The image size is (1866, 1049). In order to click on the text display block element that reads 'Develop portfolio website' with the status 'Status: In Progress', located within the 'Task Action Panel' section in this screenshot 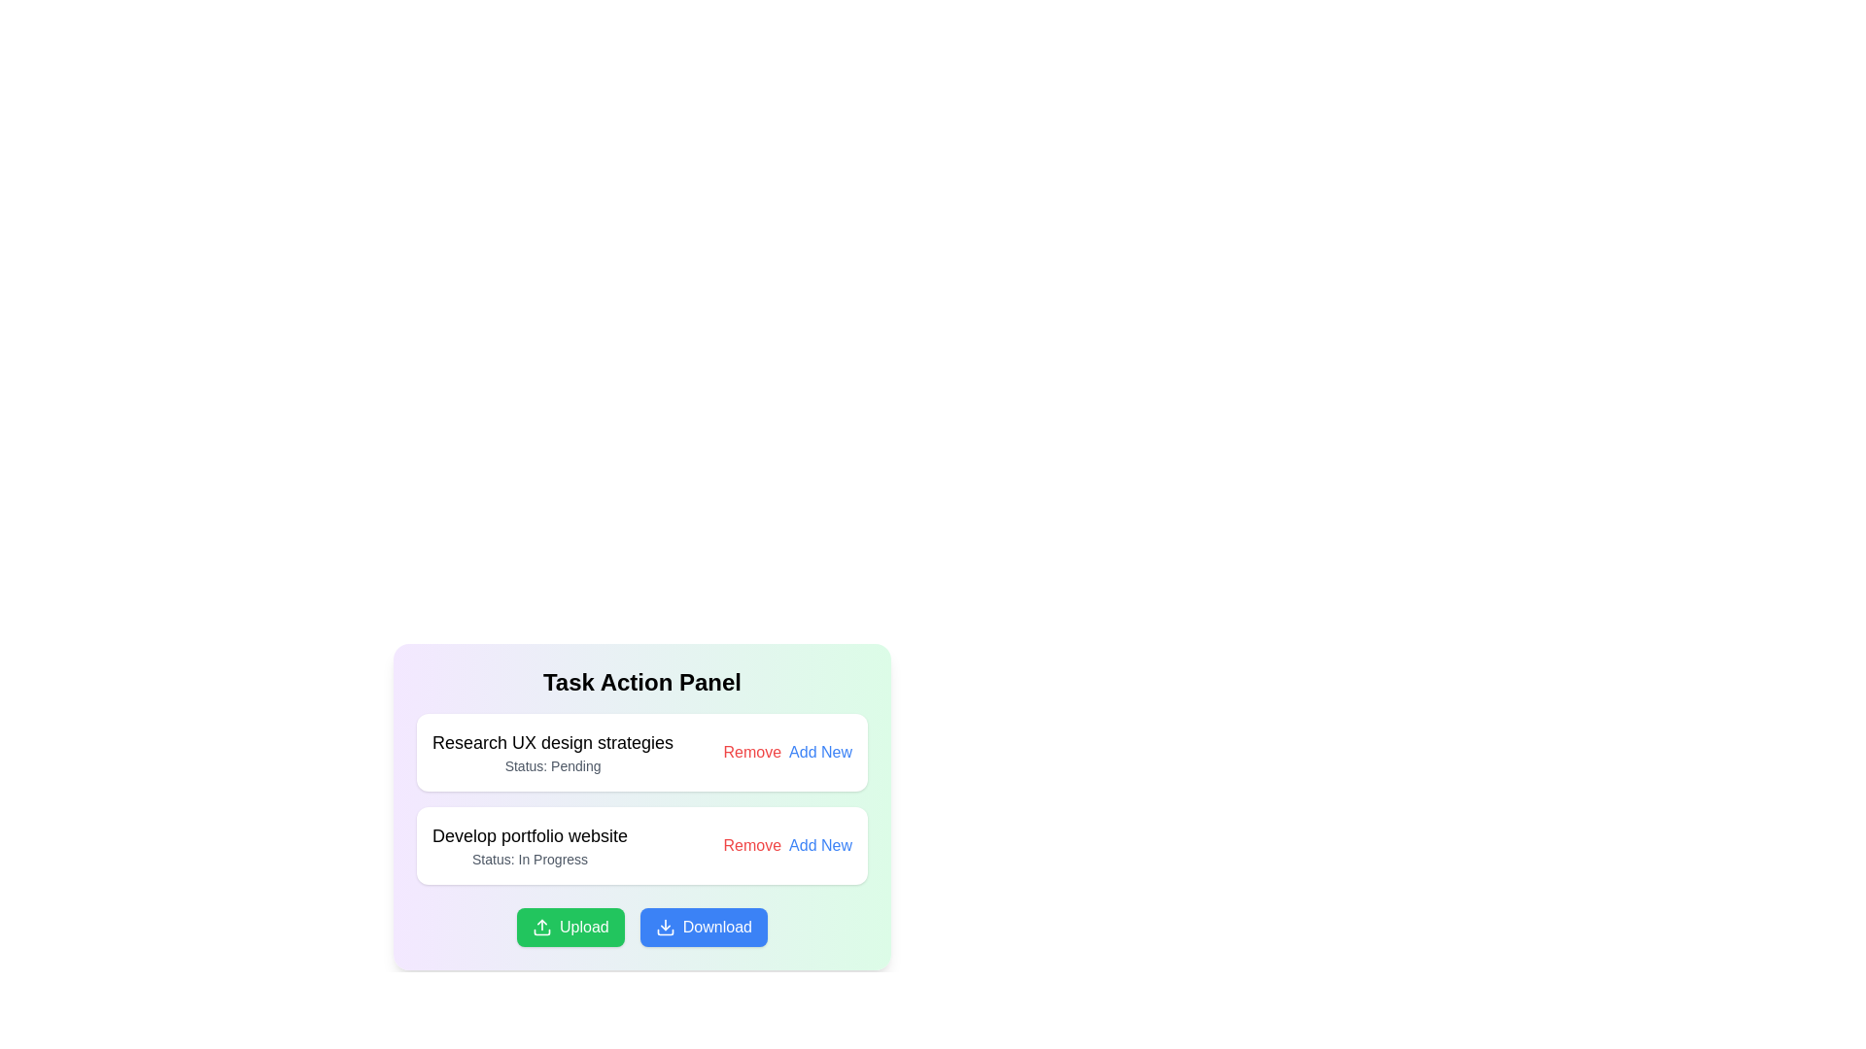, I will do `click(530, 845)`.